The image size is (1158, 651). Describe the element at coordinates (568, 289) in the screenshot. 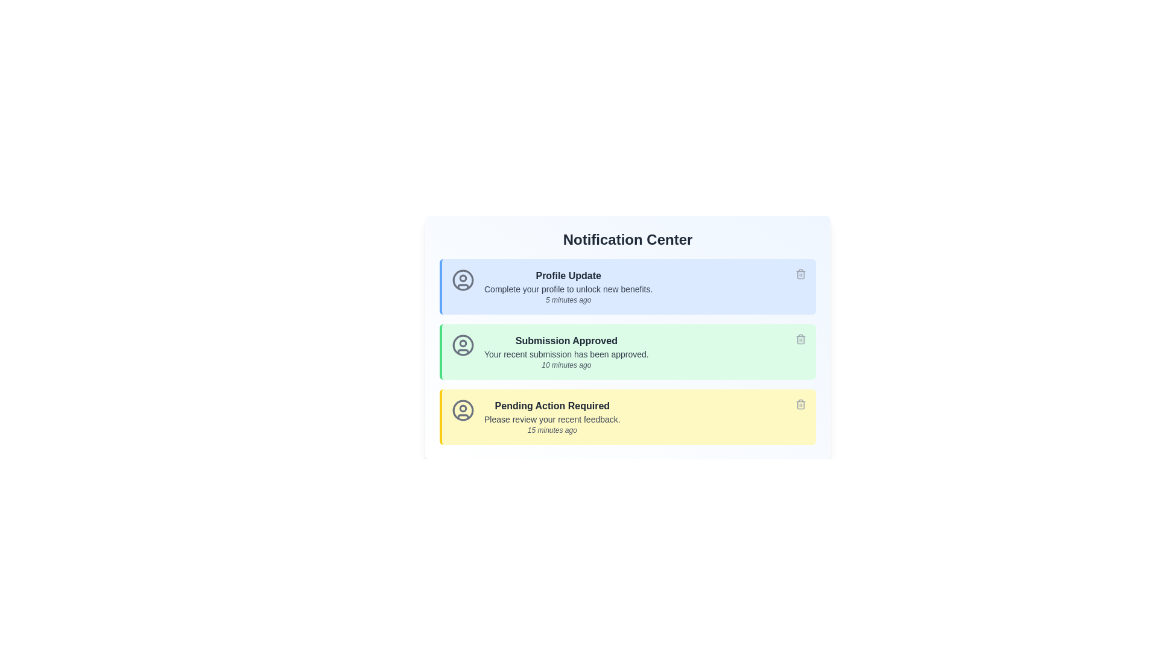

I see `the textual information element that prompts the user to complete their profile, located below 'Profile Update' and above '5 minutes ago'` at that location.